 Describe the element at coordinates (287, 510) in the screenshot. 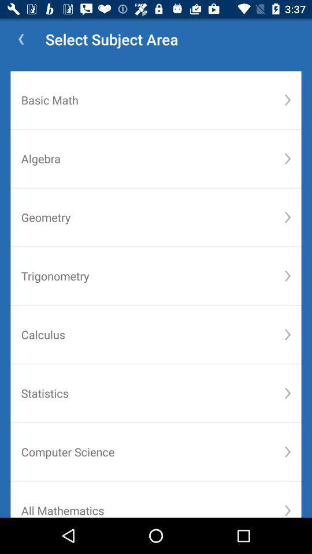

I see `the icon to the right of all mathematics icon` at that location.